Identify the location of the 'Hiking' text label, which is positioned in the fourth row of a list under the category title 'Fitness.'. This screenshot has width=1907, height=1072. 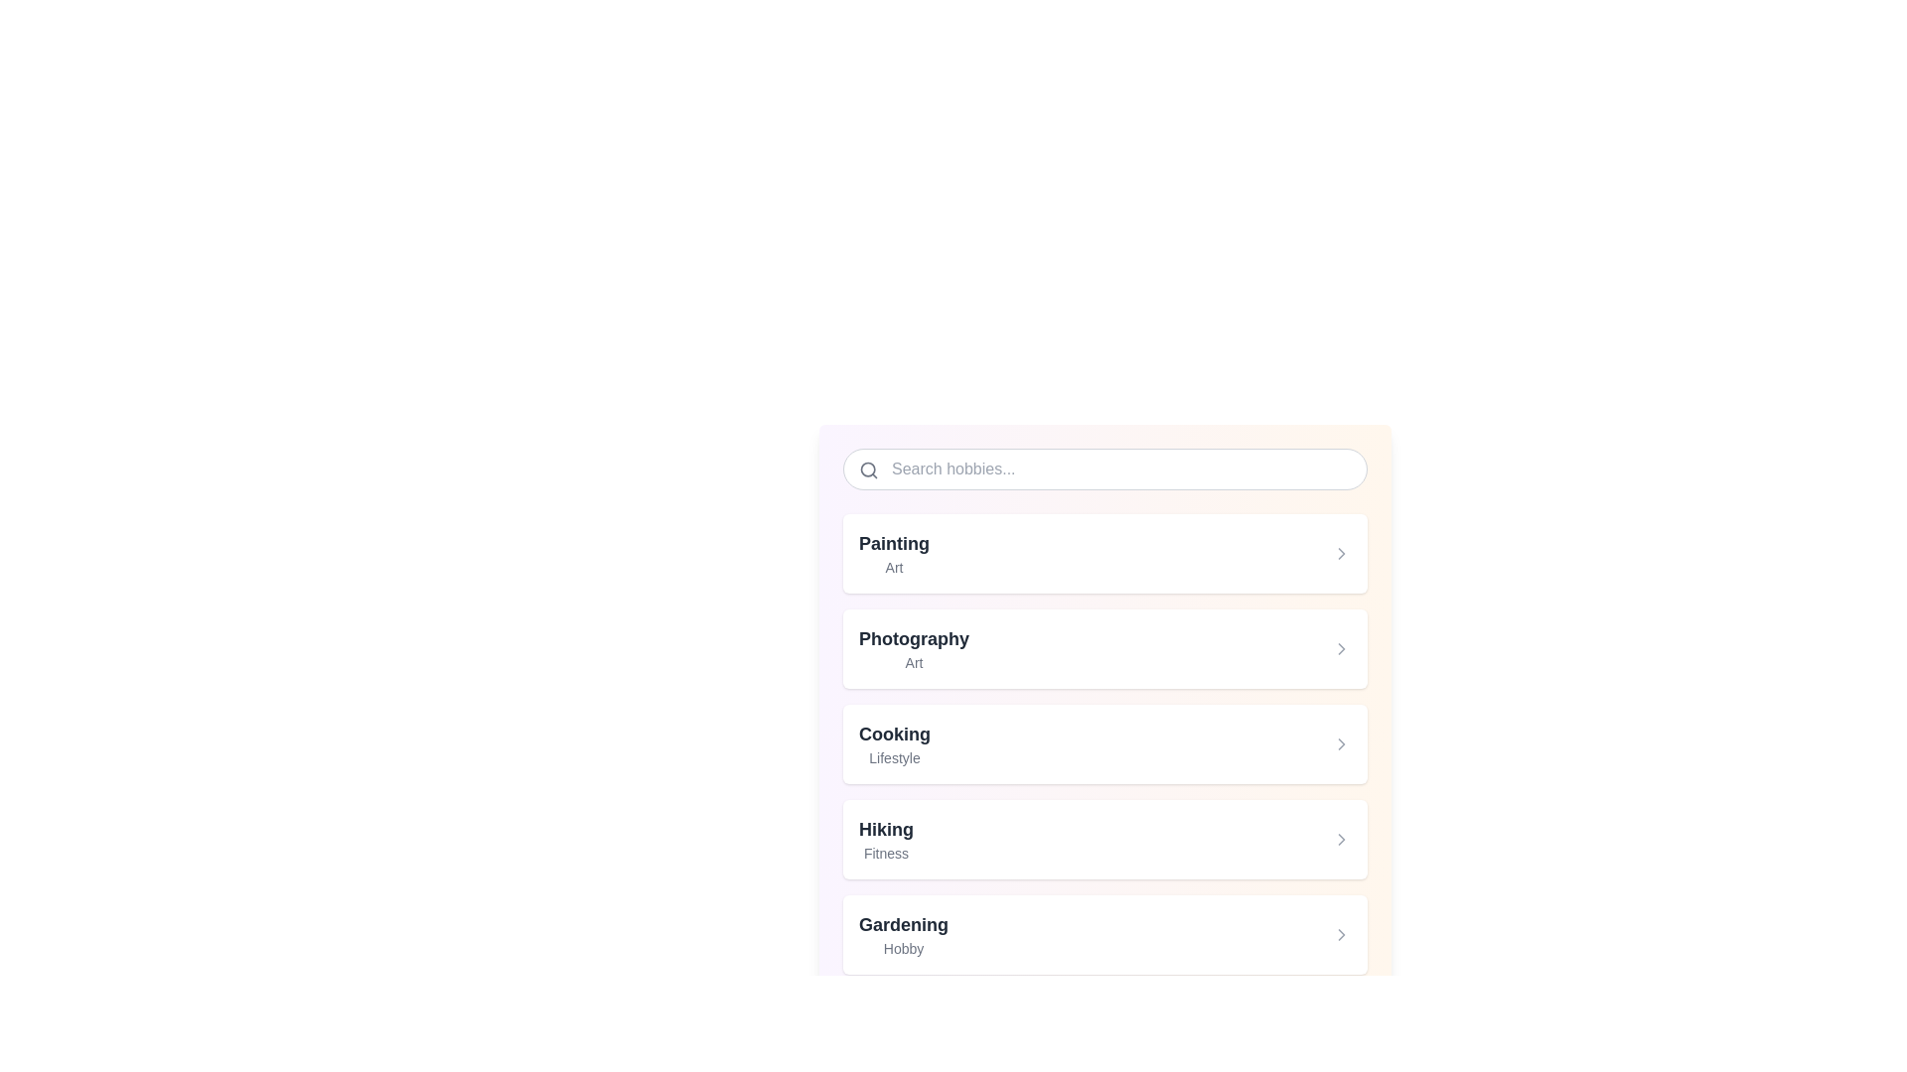
(885, 830).